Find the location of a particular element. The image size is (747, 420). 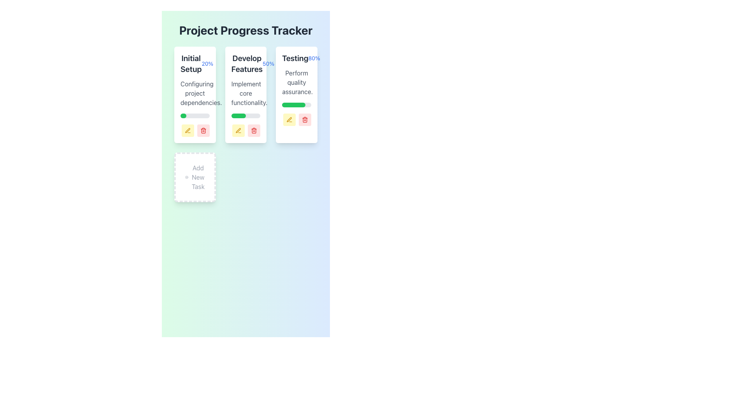

the edit SVG icon located in the third column titled 'Testing', positioned below the green progress bar of the 'Testing' task is located at coordinates (289, 120).